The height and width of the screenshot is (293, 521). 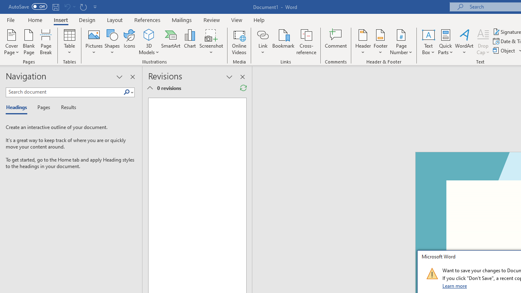 What do you see at coordinates (431, 273) in the screenshot?
I see `'Class: NetUIImage'` at bounding box center [431, 273].